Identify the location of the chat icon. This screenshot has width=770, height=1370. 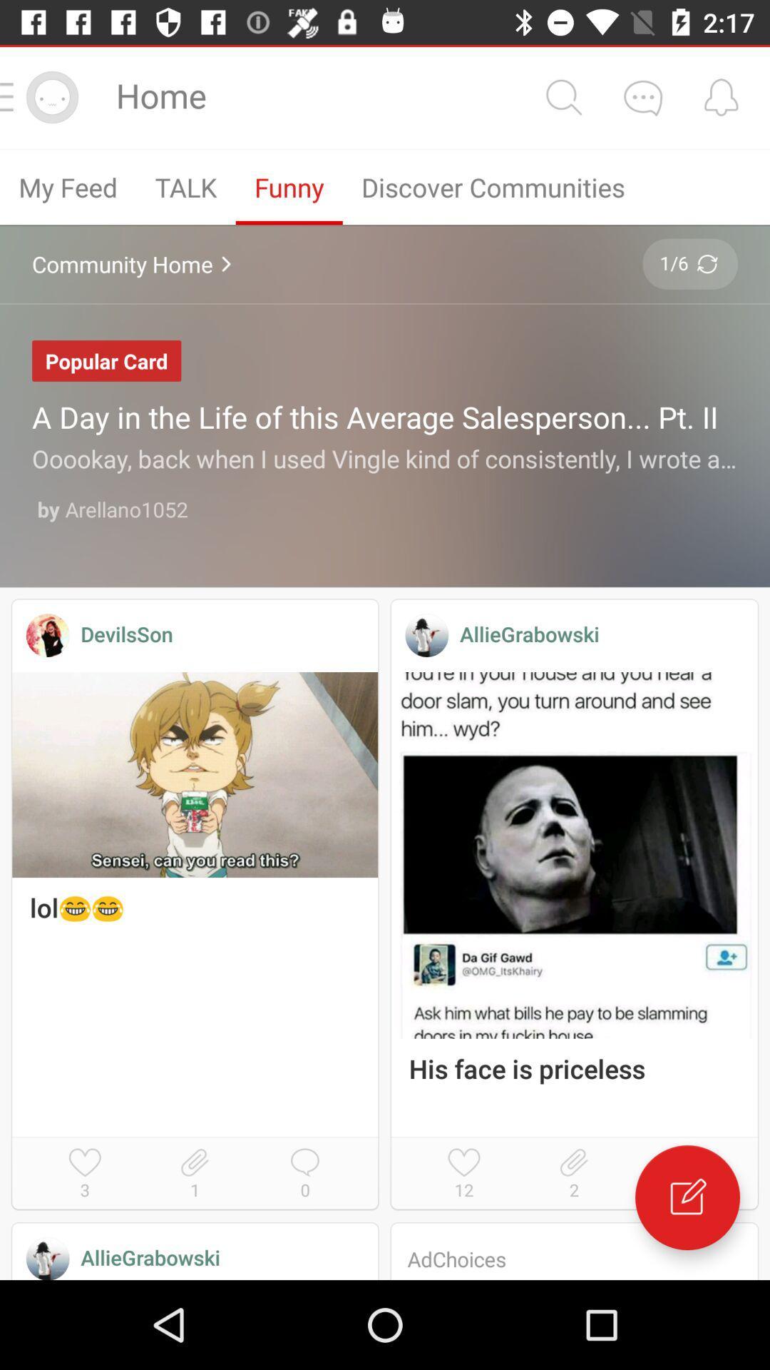
(642, 96).